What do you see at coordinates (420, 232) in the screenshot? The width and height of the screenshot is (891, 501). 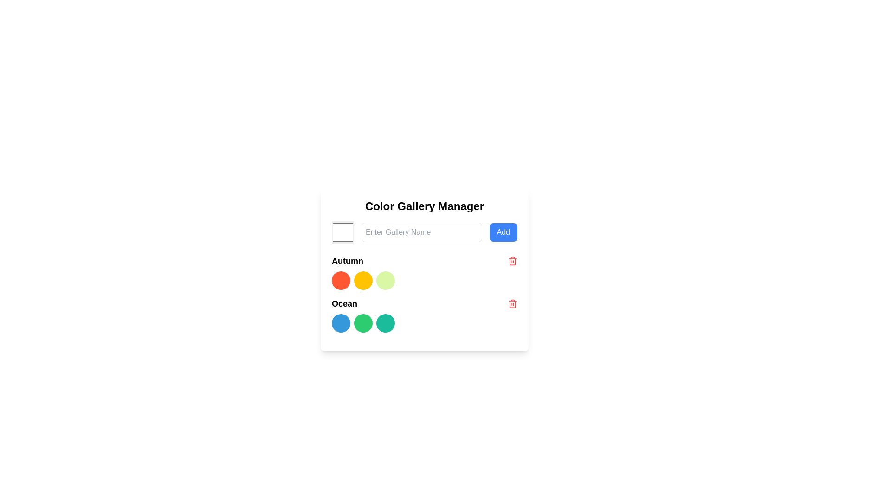 I see `to focus on the text input box for entering a gallery name, which is centrally located between the color picker and the 'Add' button` at bounding box center [420, 232].